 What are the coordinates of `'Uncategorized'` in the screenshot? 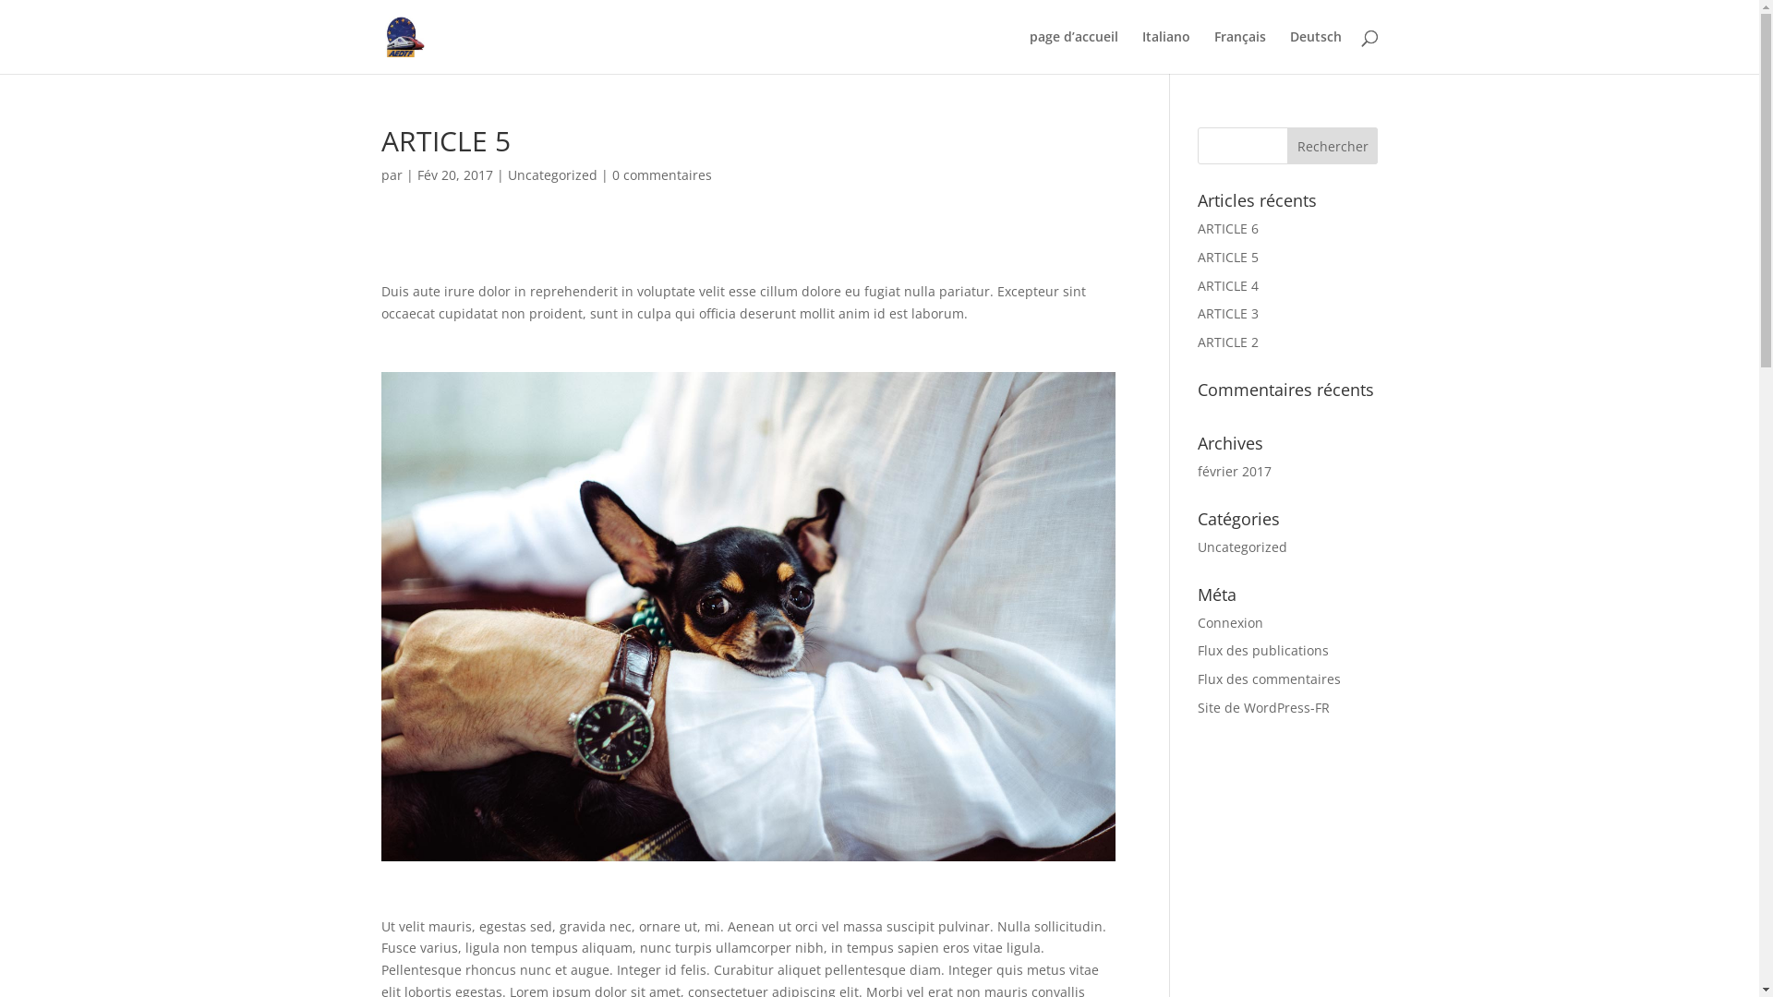 It's located at (1242, 546).